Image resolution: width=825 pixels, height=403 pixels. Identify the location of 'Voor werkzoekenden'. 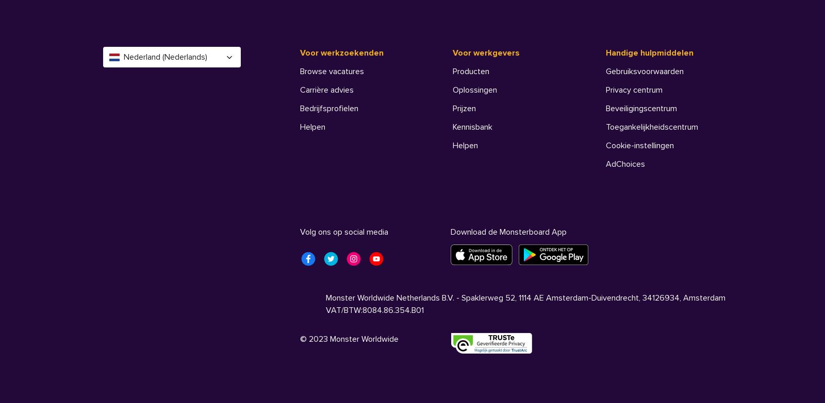
(299, 52).